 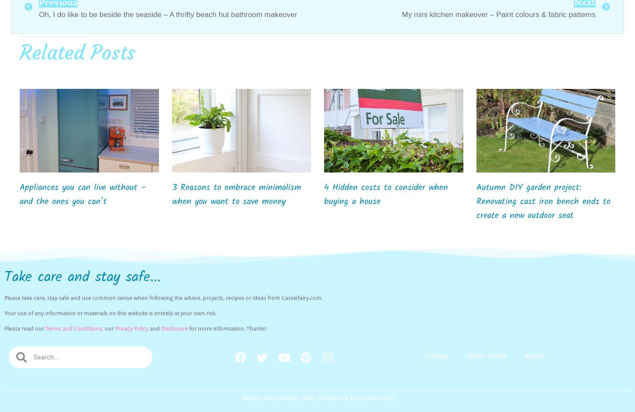 I want to click on 'for more information. Thanks!', so click(x=187, y=328).